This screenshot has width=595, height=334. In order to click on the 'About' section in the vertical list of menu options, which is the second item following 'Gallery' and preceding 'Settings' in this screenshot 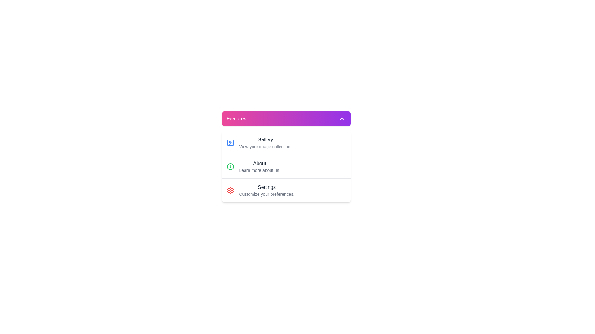, I will do `click(286, 166)`.